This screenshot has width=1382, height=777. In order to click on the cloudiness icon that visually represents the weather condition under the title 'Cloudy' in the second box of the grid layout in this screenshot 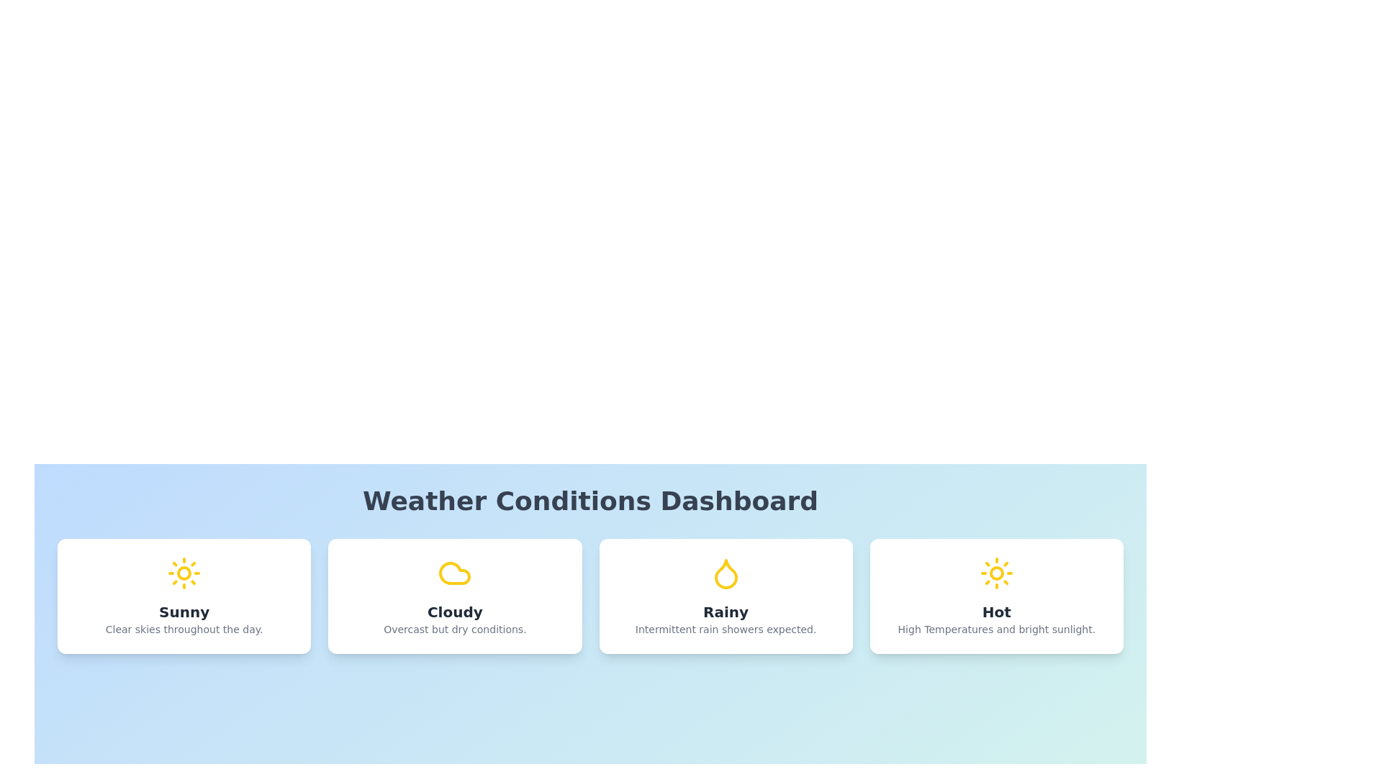, I will do `click(454, 573)`.